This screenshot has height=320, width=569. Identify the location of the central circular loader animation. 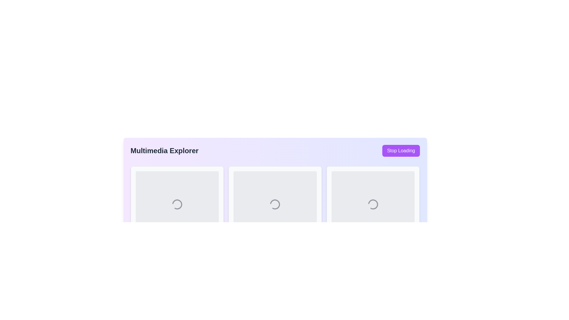
(275, 204).